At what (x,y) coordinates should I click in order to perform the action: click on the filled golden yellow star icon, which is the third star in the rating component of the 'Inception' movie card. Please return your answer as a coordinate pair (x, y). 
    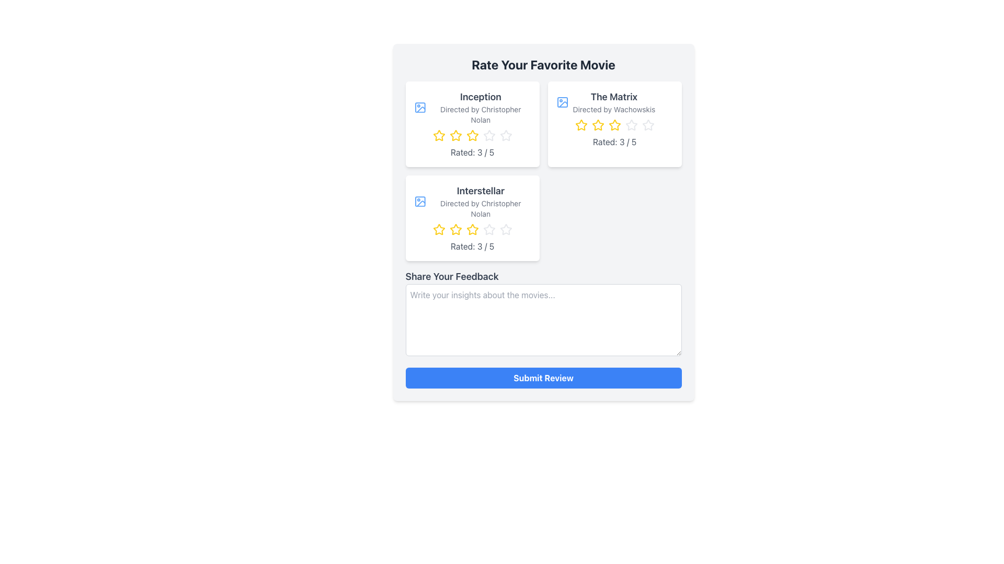
    Looking at the image, I should click on (472, 135).